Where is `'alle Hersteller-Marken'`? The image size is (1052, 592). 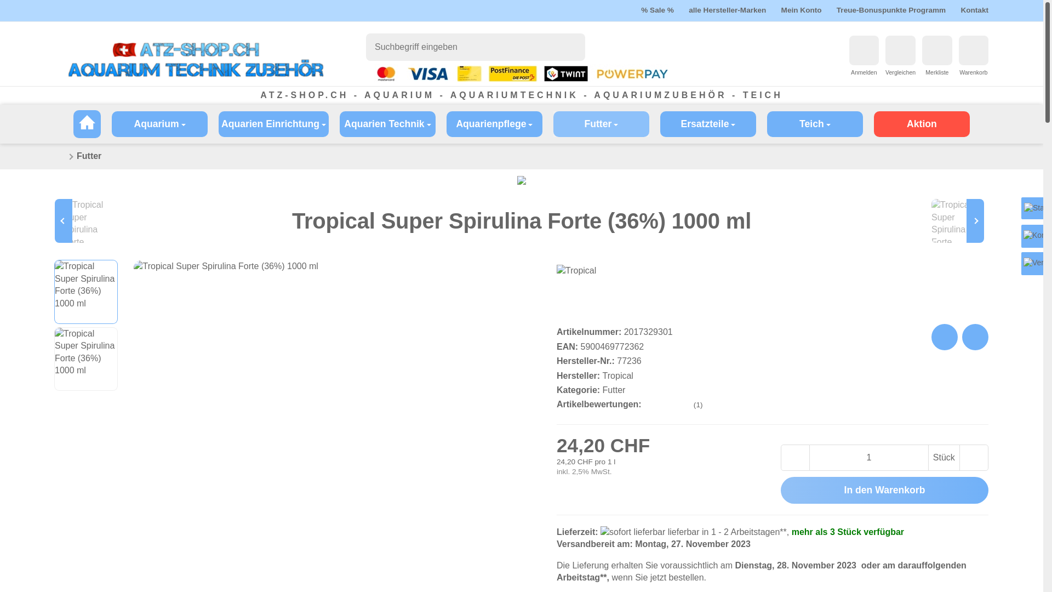 'alle Hersteller-Marken' is located at coordinates (727, 10).